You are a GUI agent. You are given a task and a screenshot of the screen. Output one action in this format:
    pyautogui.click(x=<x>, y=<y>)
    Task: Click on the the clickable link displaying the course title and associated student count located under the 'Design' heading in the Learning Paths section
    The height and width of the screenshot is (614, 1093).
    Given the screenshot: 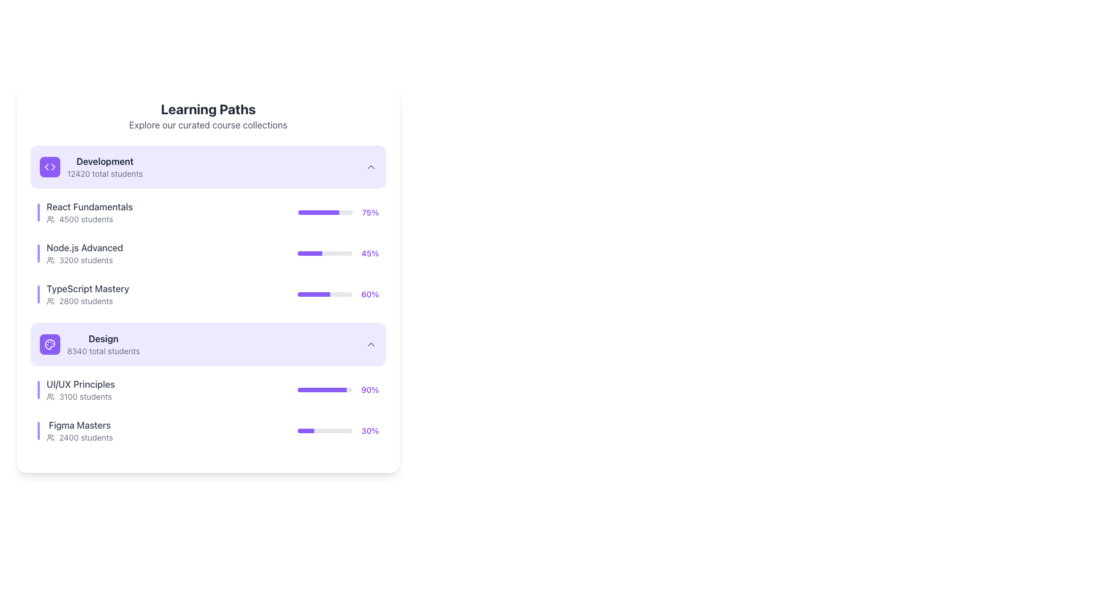 What is the action you would take?
    pyautogui.click(x=76, y=389)
    